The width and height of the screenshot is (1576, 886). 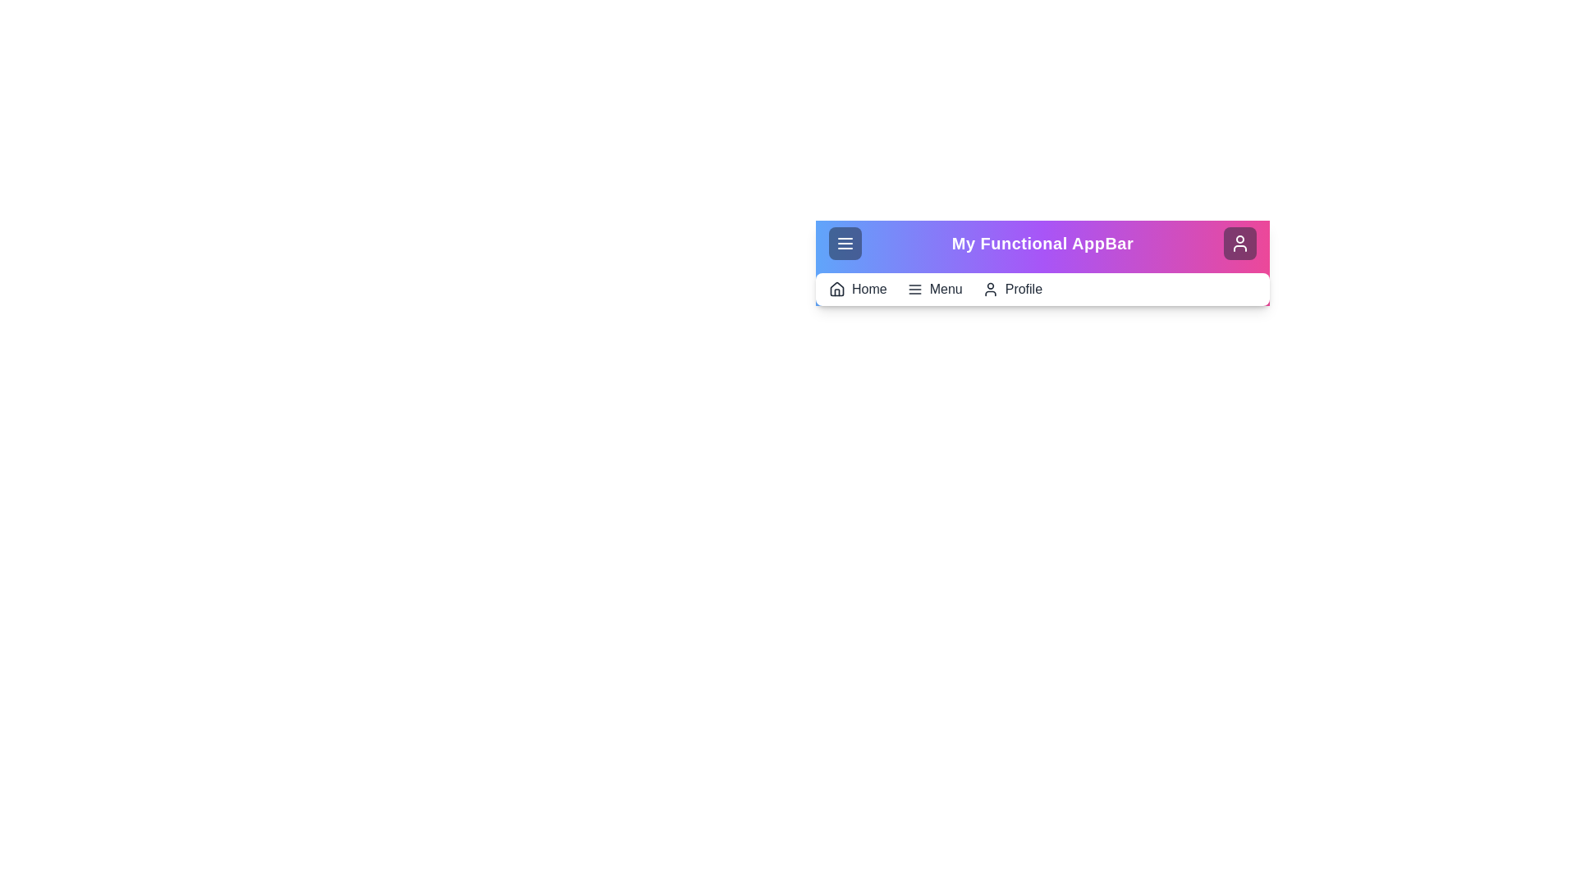 What do you see at coordinates (933, 289) in the screenshot?
I see `the 'Menu' button in the navigation bar` at bounding box center [933, 289].